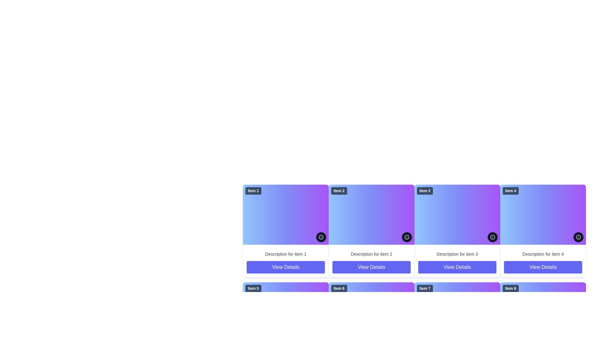 The image size is (601, 338). I want to click on the small circle within the graphical icon located at the bottom-right area of the card labeled 'Item 2', so click(321, 237).